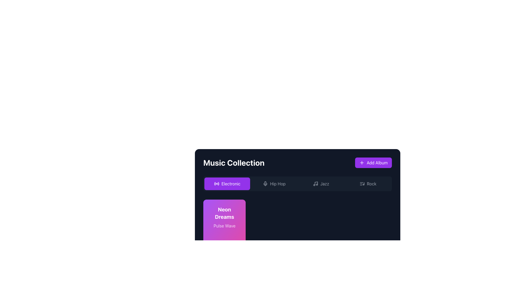 The width and height of the screenshot is (505, 284). I want to click on the 'Hip Hop' music genre icon located in the navigation bar, which is situated between the 'Electronic' and 'Jazz' sections, so click(265, 183).